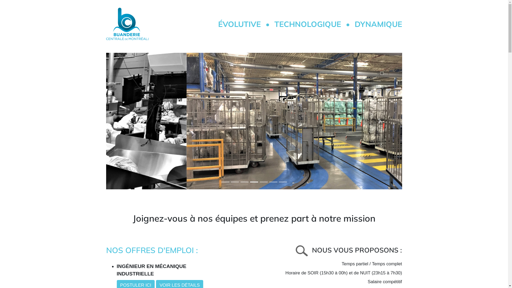  I want to click on 'Suivant', so click(379, 121).